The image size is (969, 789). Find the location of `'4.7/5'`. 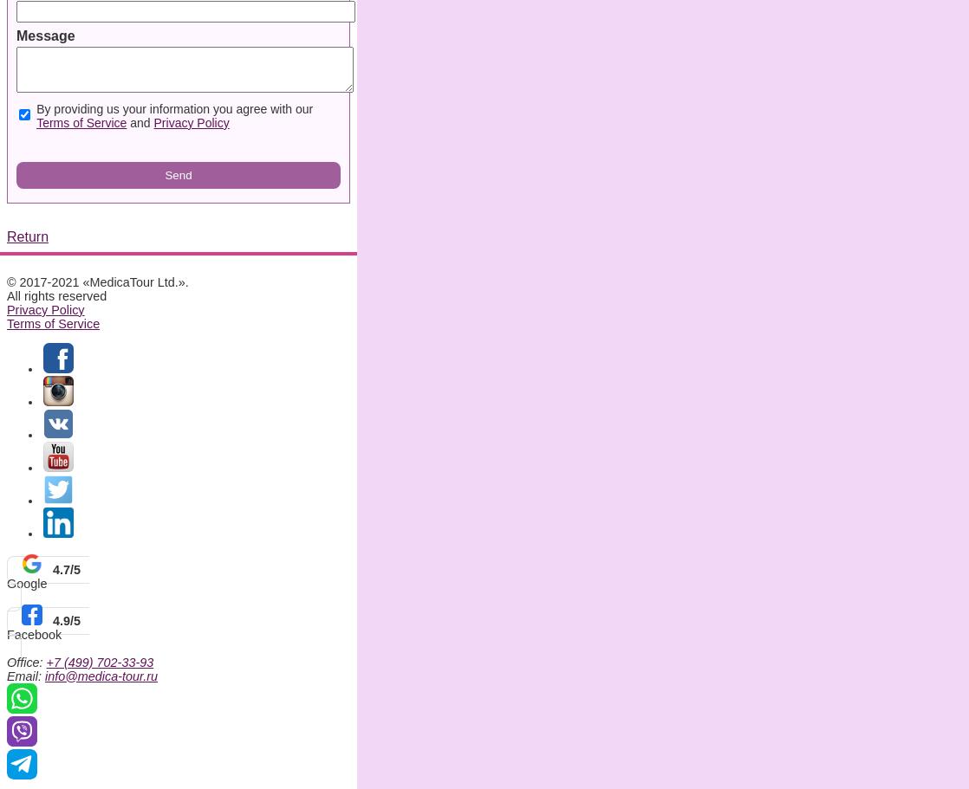

'4.7/5' is located at coordinates (67, 569).